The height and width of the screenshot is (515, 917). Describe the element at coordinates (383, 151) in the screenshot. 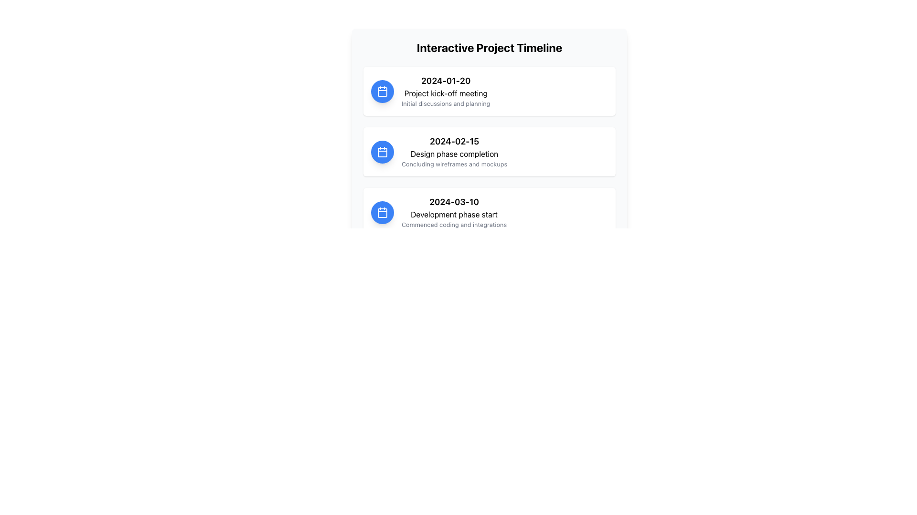

I see `the calendar events icon located in the second row of the timeline interface, to the left of 'Design phase completion'` at that location.